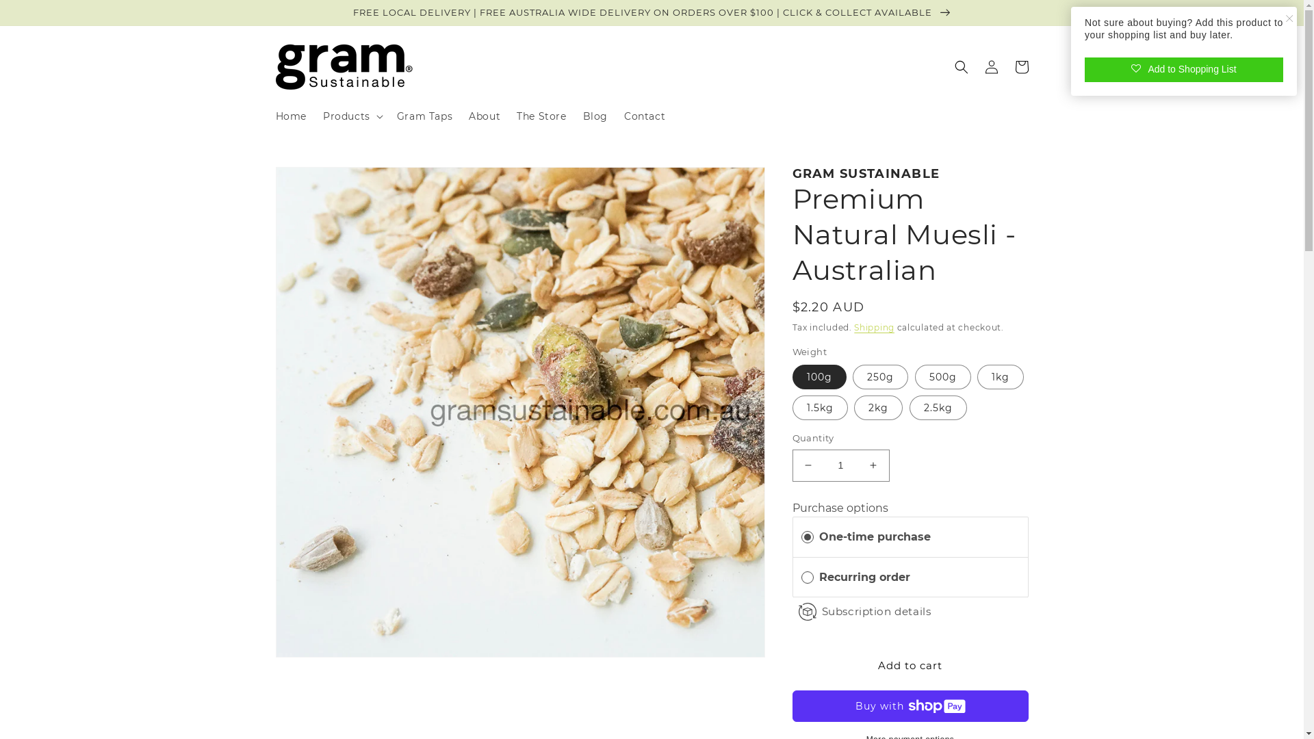 This screenshot has width=1314, height=739. I want to click on 'Gram Taps', so click(424, 115).